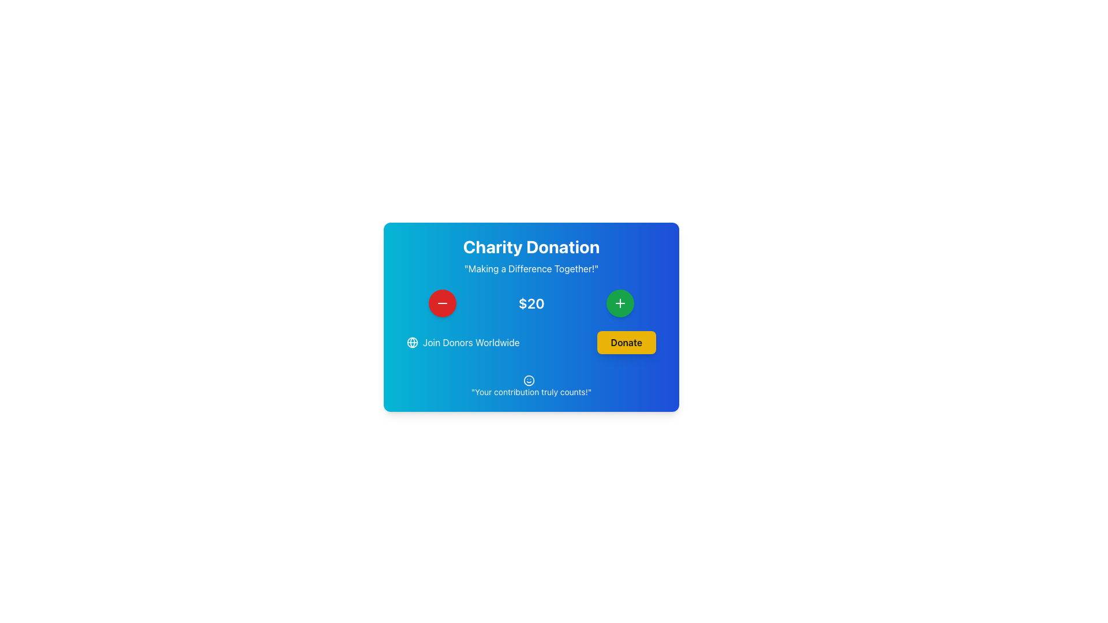 This screenshot has width=1108, height=623. I want to click on the text label displaying the current donation amount, which is centrally positioned in a card with a gradient blue background, to trigger interactivity or tooltips, so click(531, 302).